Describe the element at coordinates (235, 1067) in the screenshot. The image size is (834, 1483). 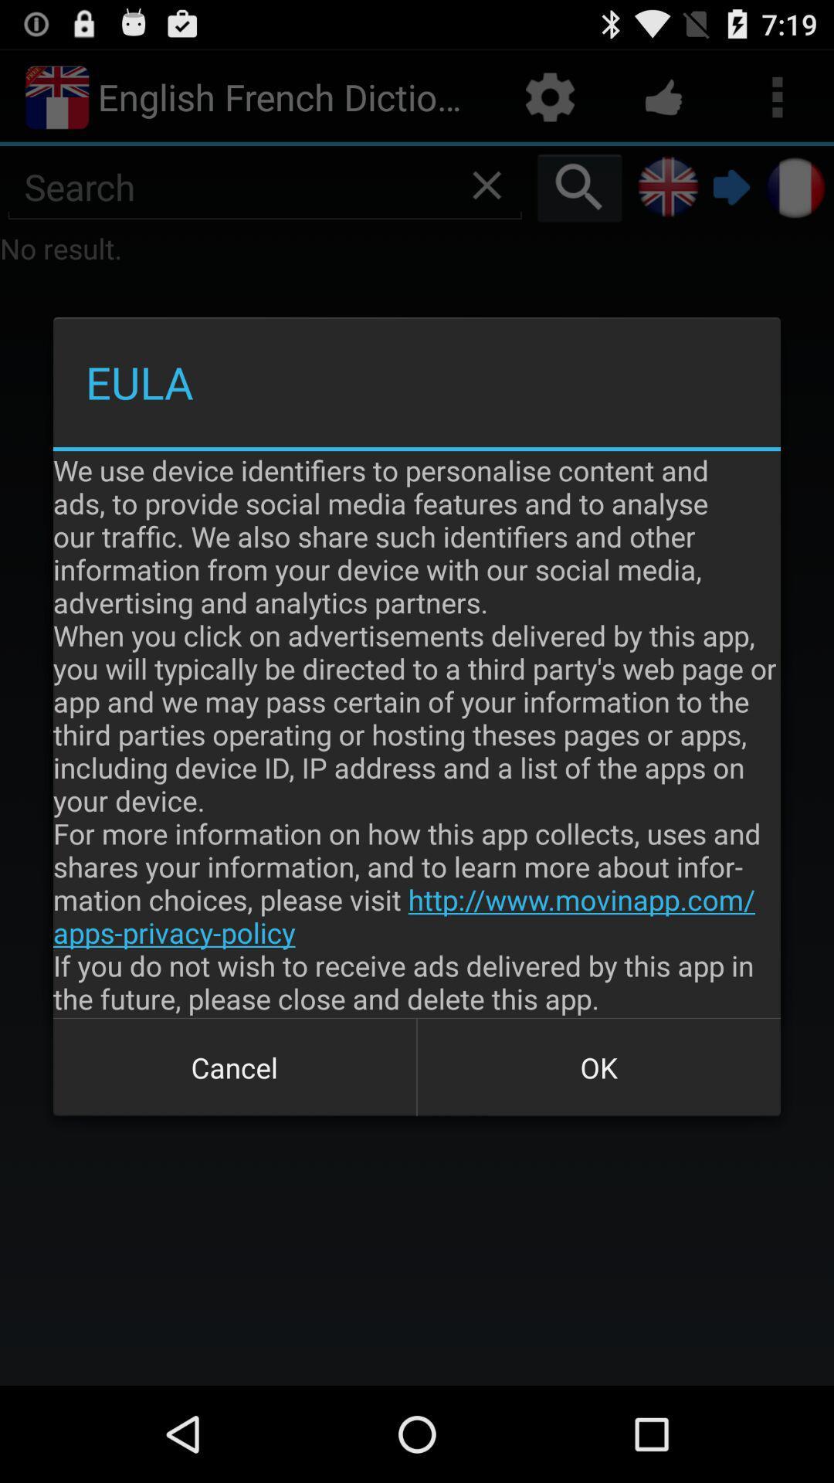
I see `the app below we use device item` at that location.